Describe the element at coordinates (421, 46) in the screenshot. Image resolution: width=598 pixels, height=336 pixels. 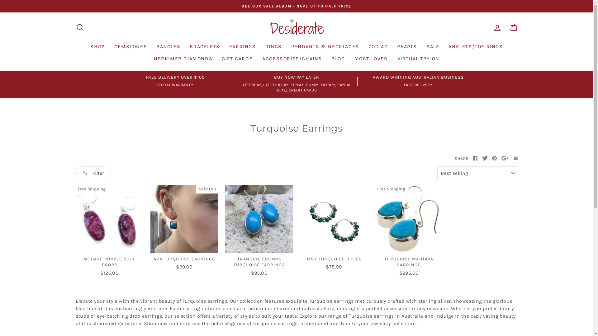
I see `'SALE'` at that location.